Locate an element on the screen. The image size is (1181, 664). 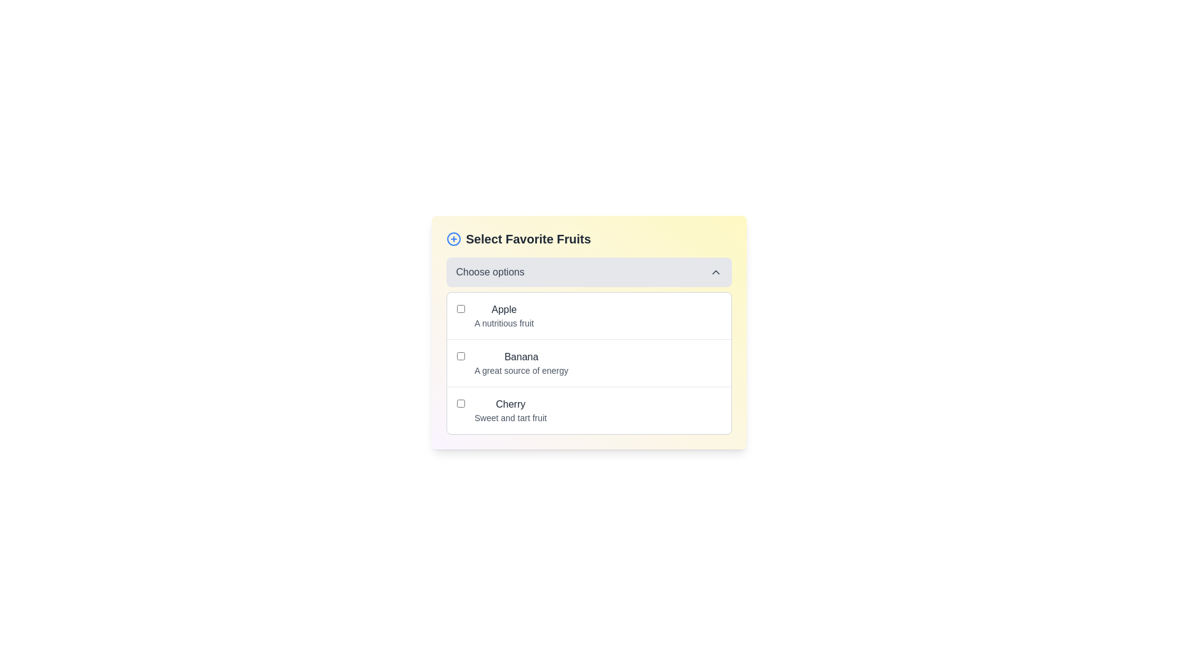
'Banana' text label, which is styled in dark gray and is the second item in the 'Select Favorite Fruits' section, positioned above 'Cherry' is located at coordinates (521, 357).